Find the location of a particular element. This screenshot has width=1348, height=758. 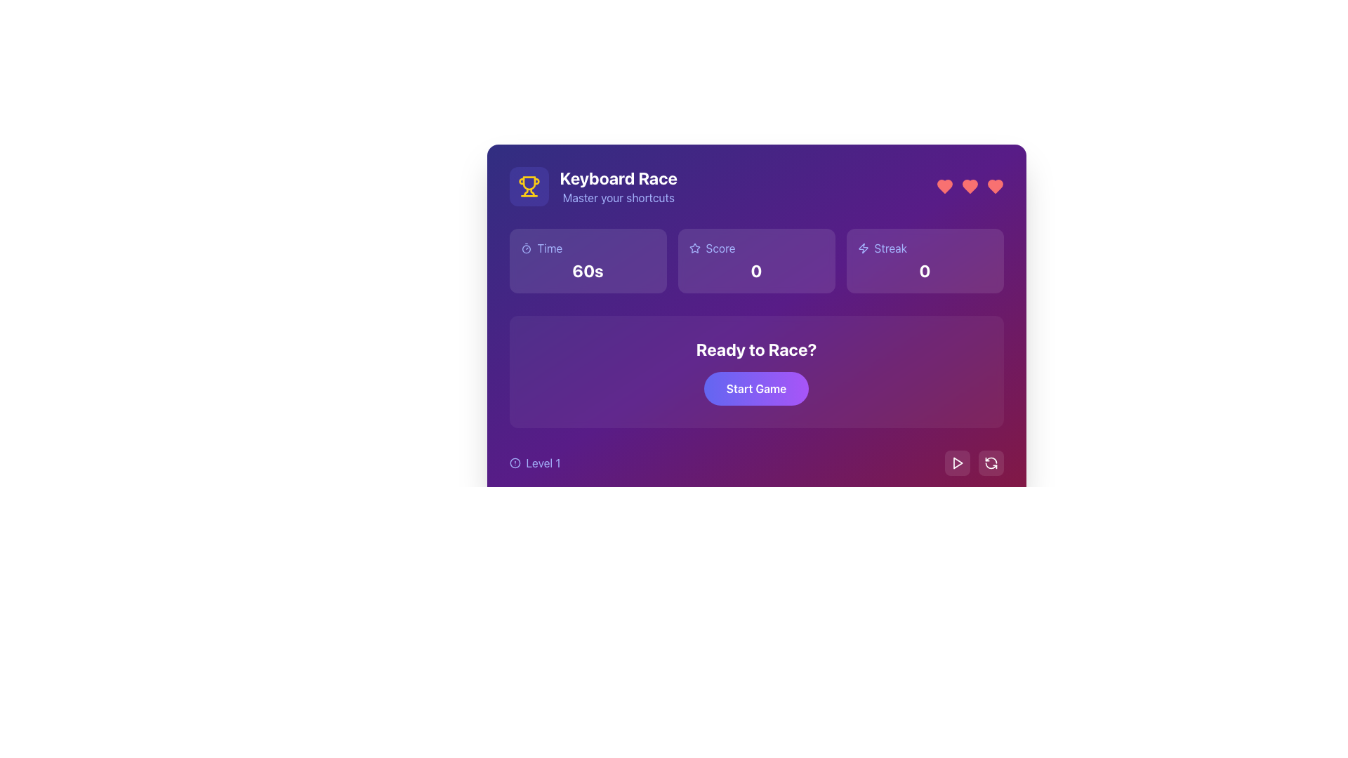

the Text display that shows the remaining or total time in seconds, positioned as the first card in a grid layout, to the left of the 'Score' and 'Streak' cards is located at coordinates (588, 260).